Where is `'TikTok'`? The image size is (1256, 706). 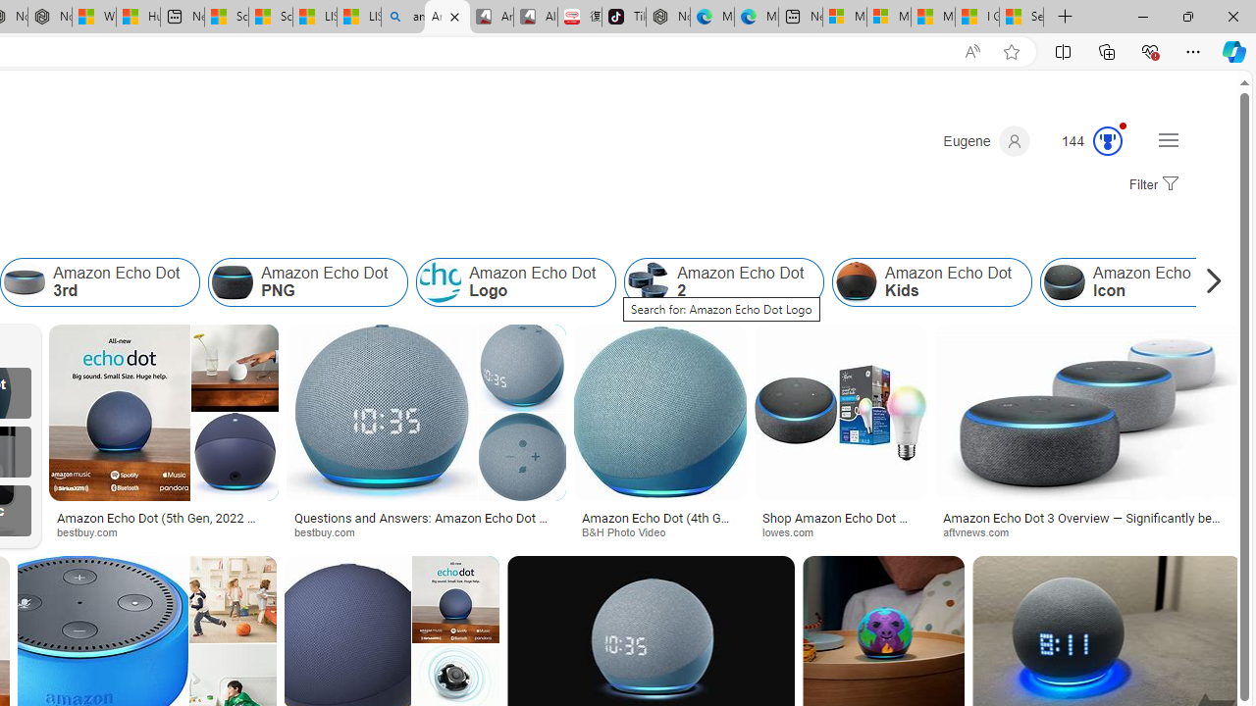 'TikTok' is located at coordinates (623, 17).